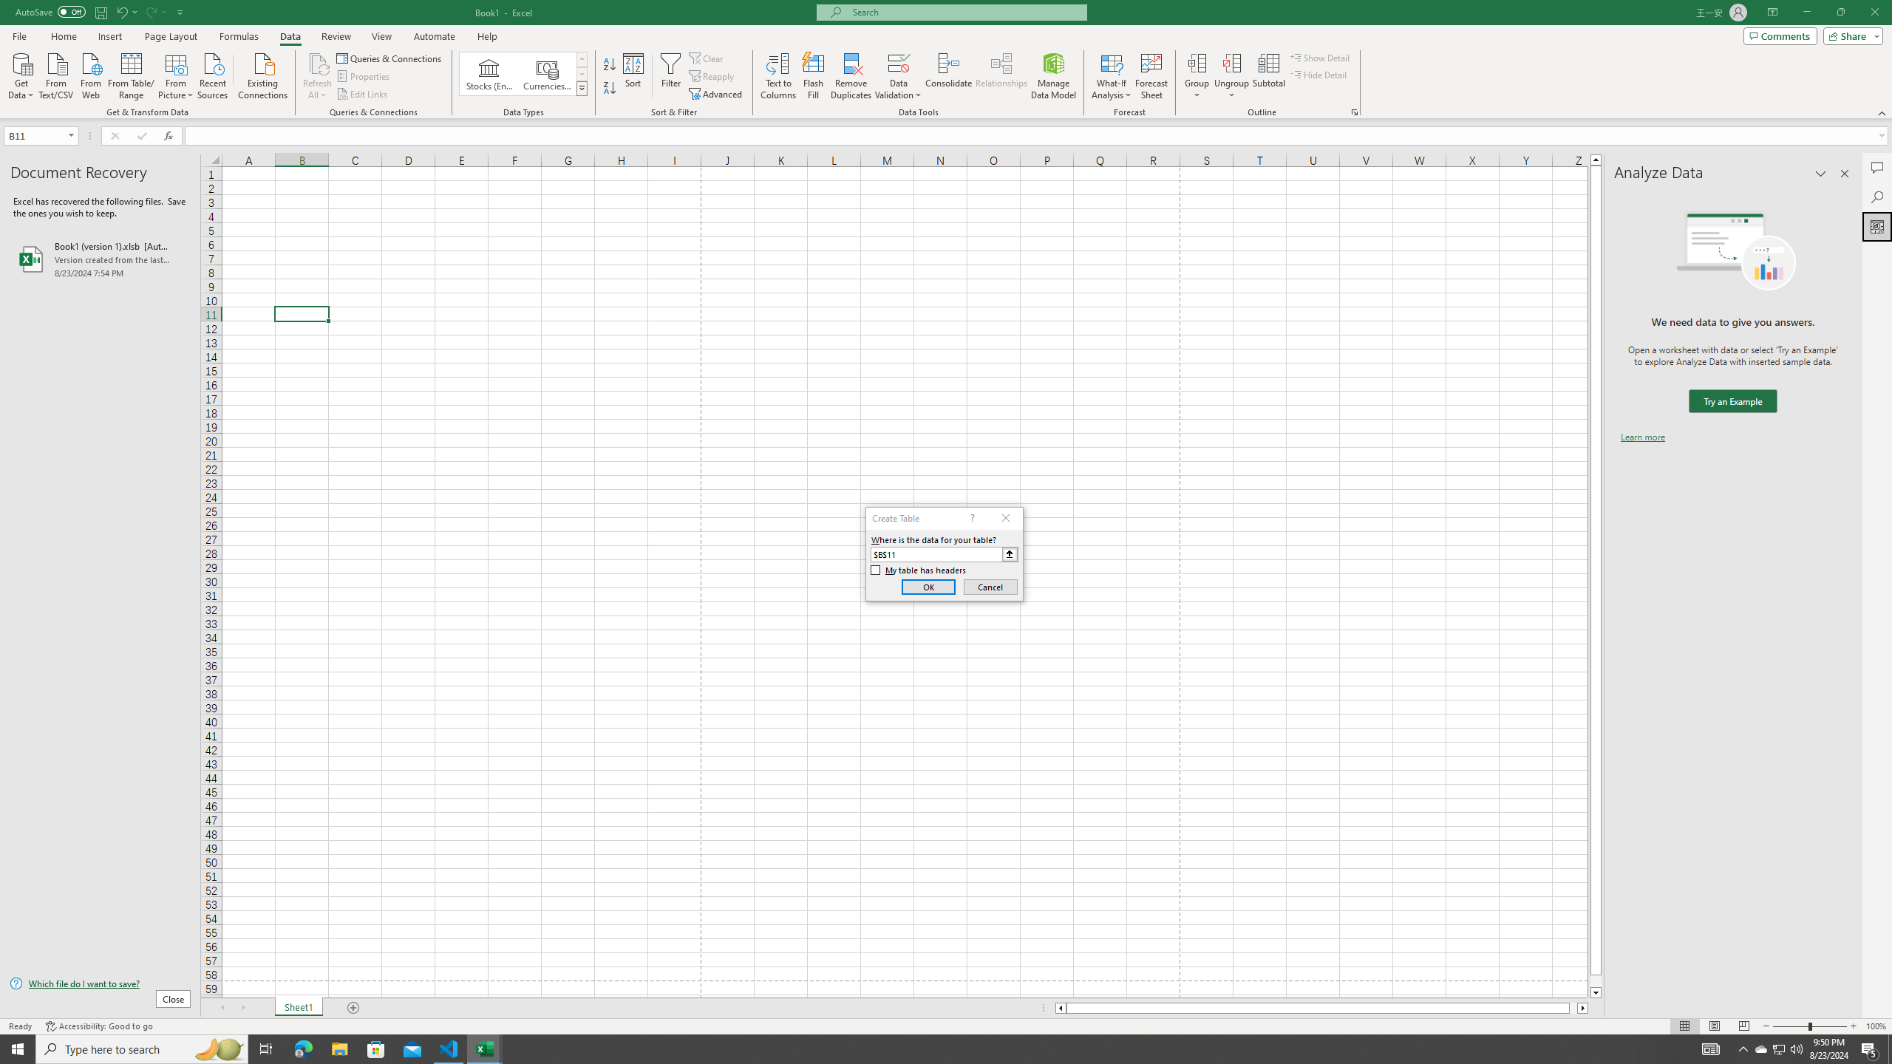 The height and width of the screenshot is (1064, 1892). What do you see at coordinates (633, 76) in the screenshot?
I see `'Sort...'` at bounding box center [633, 76].